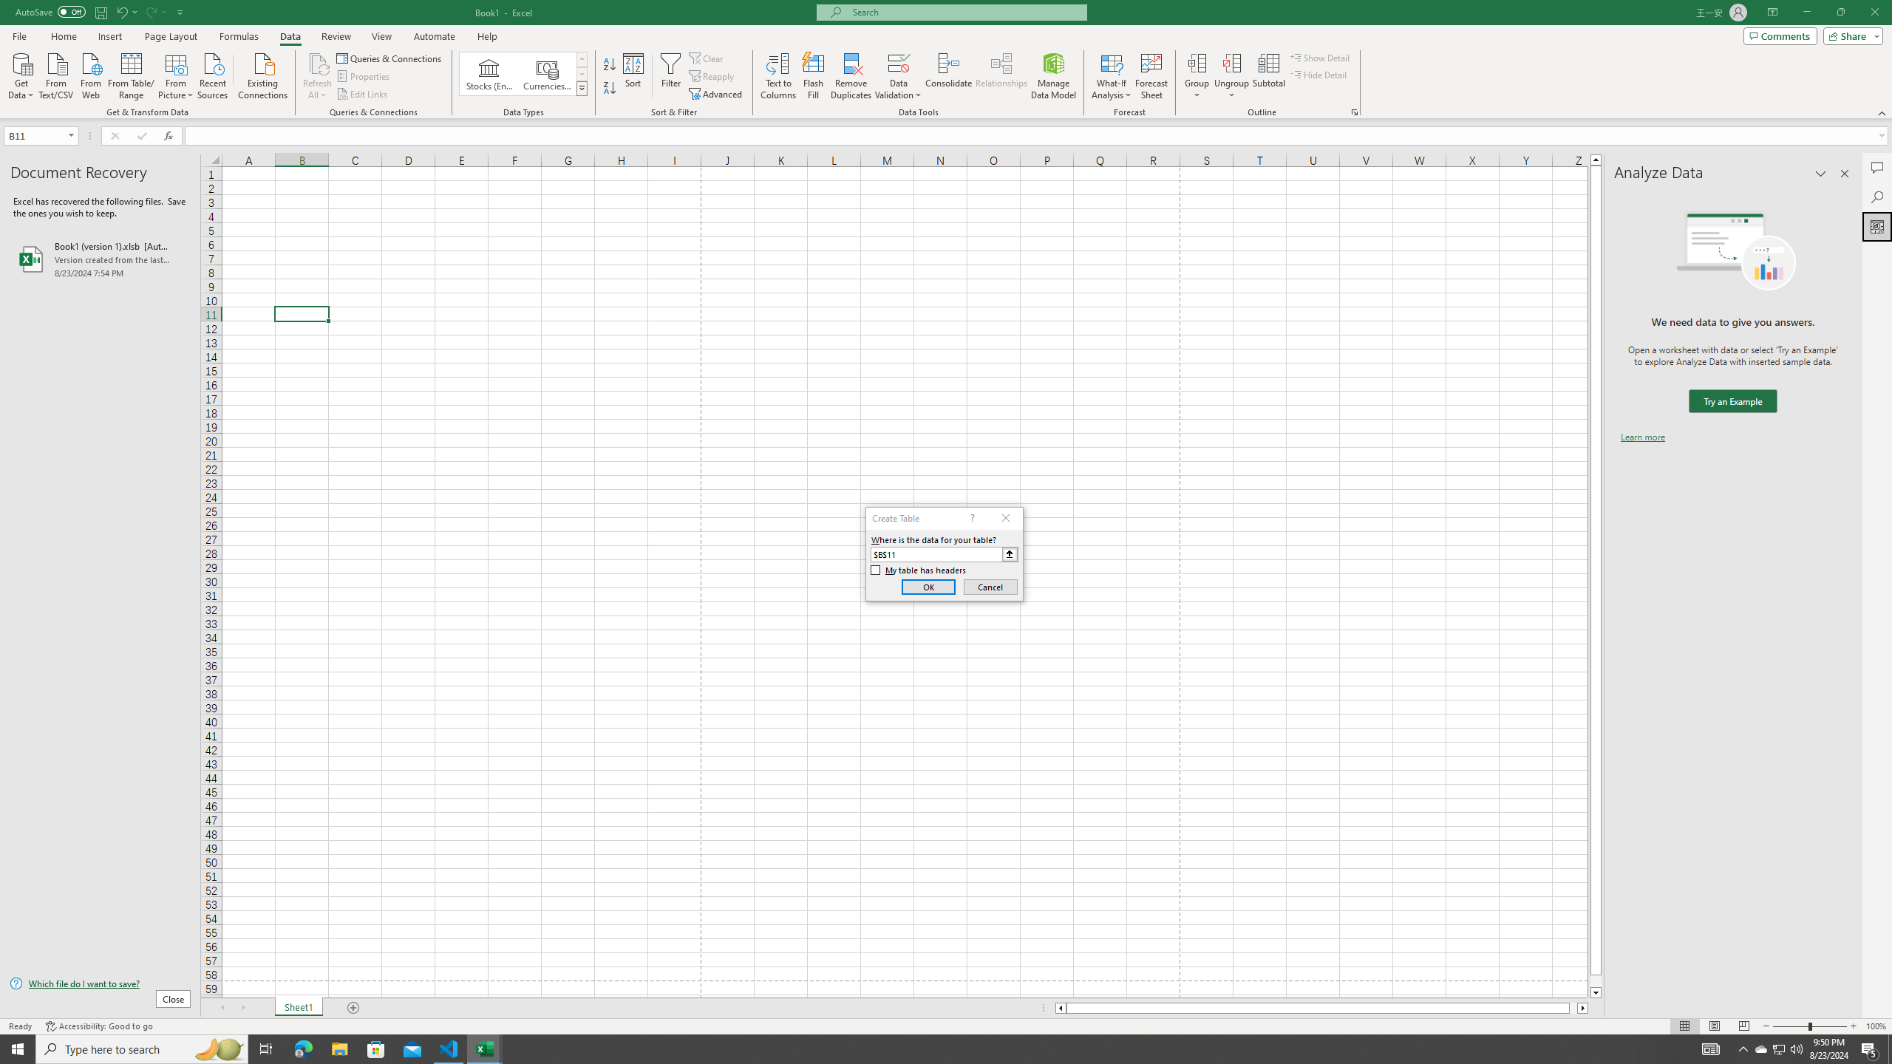 The height and width of the screenshot is (1064, 1892). What do you see at coordinates (633, 76) in the screenshot?
I see `'Sort...'` at bounding box center [633, 76].